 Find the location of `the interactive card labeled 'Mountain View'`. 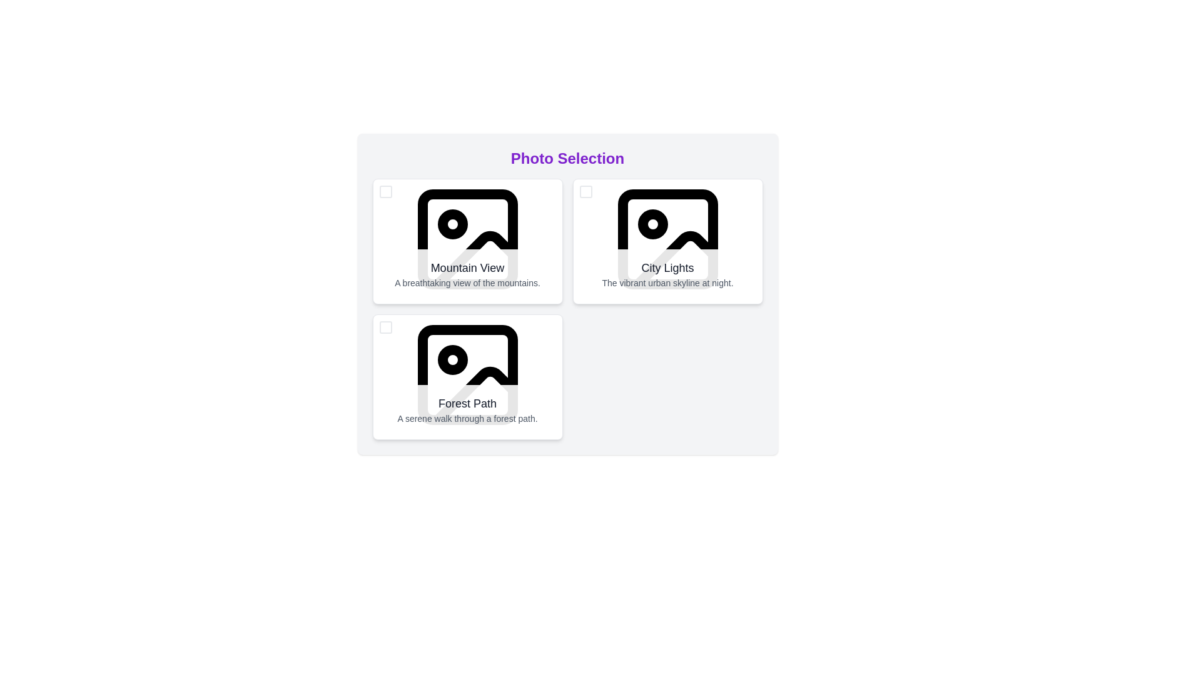

the interactive card labeled 'Mountain View' is located at coordinates (467, 239).